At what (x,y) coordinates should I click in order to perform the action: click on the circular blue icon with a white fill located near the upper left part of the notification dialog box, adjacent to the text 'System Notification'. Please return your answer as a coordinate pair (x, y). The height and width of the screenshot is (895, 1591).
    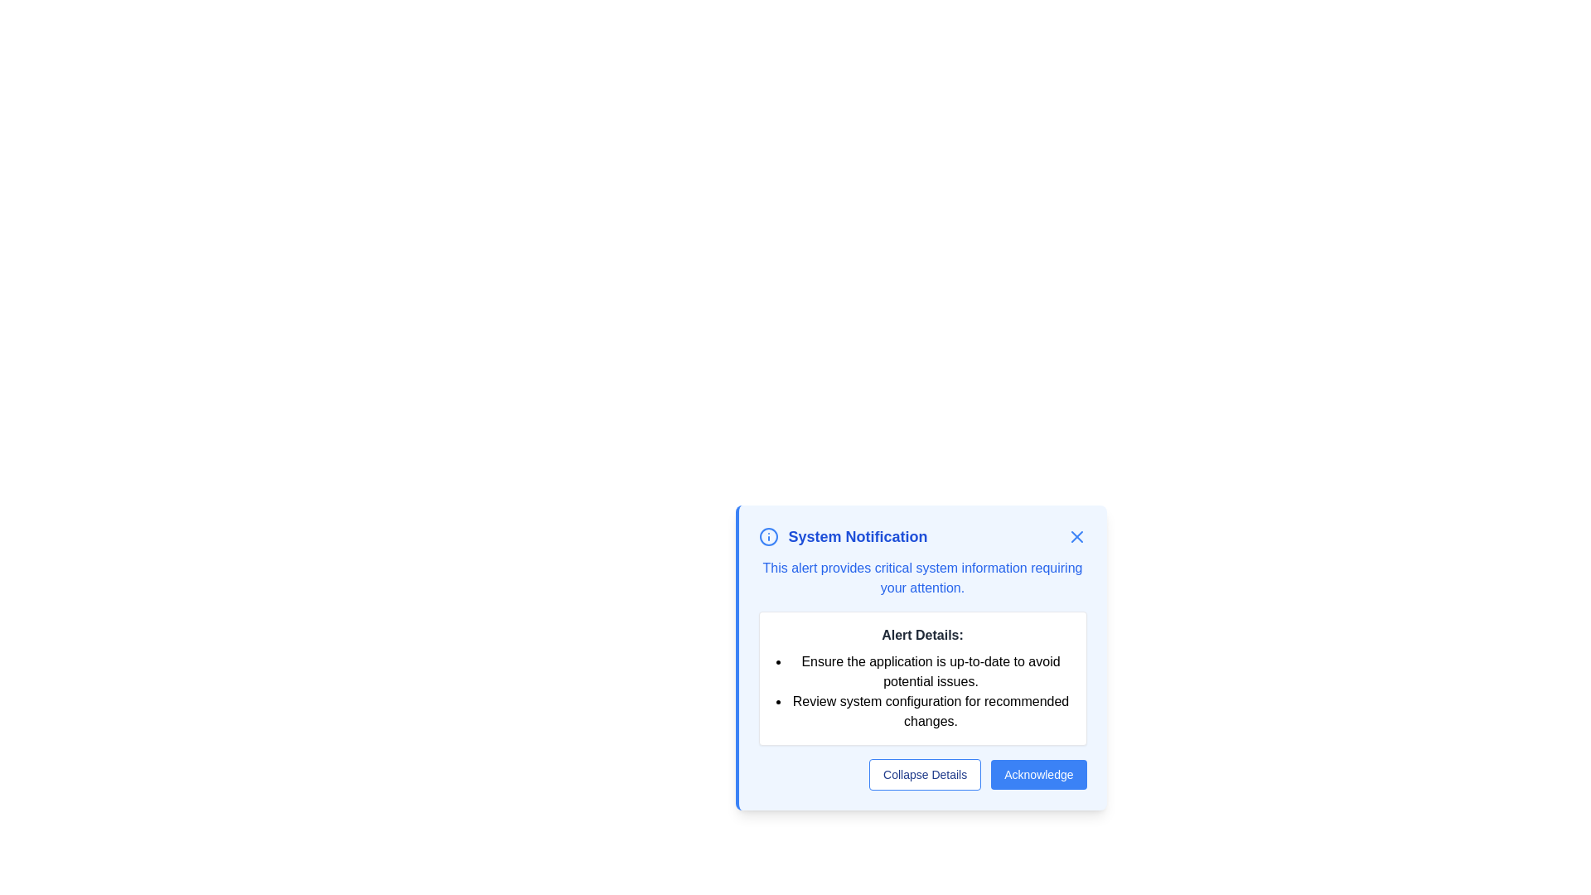
    Looking at the image, I should click on (767, 537).